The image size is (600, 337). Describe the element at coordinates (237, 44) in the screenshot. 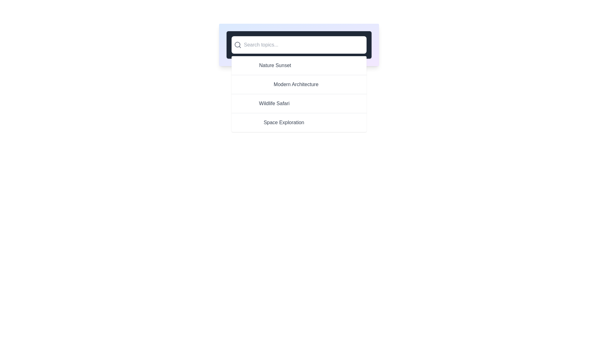

I see `the circular SVG icon that serves as the lens of the magnifying-glass design located in the leftmost part of the search bar at the top-center of the interface` at that location.